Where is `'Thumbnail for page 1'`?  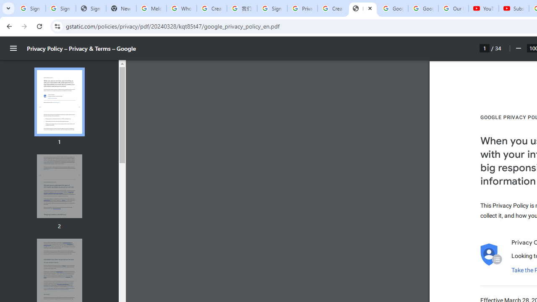
'Thumbnail for page 1' is located at coordinates (59, 102).